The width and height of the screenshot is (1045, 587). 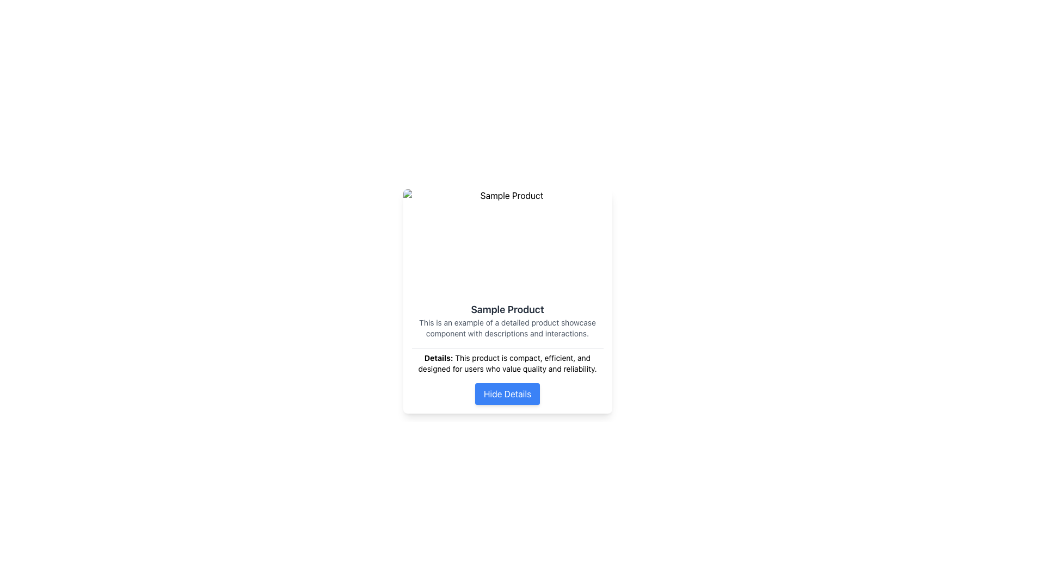 What do you see at coordinates (507, 394) in the screenshot?
I see `the button that toggles the visibility of the details section to change its appearance` at bounding box center [507, 394].